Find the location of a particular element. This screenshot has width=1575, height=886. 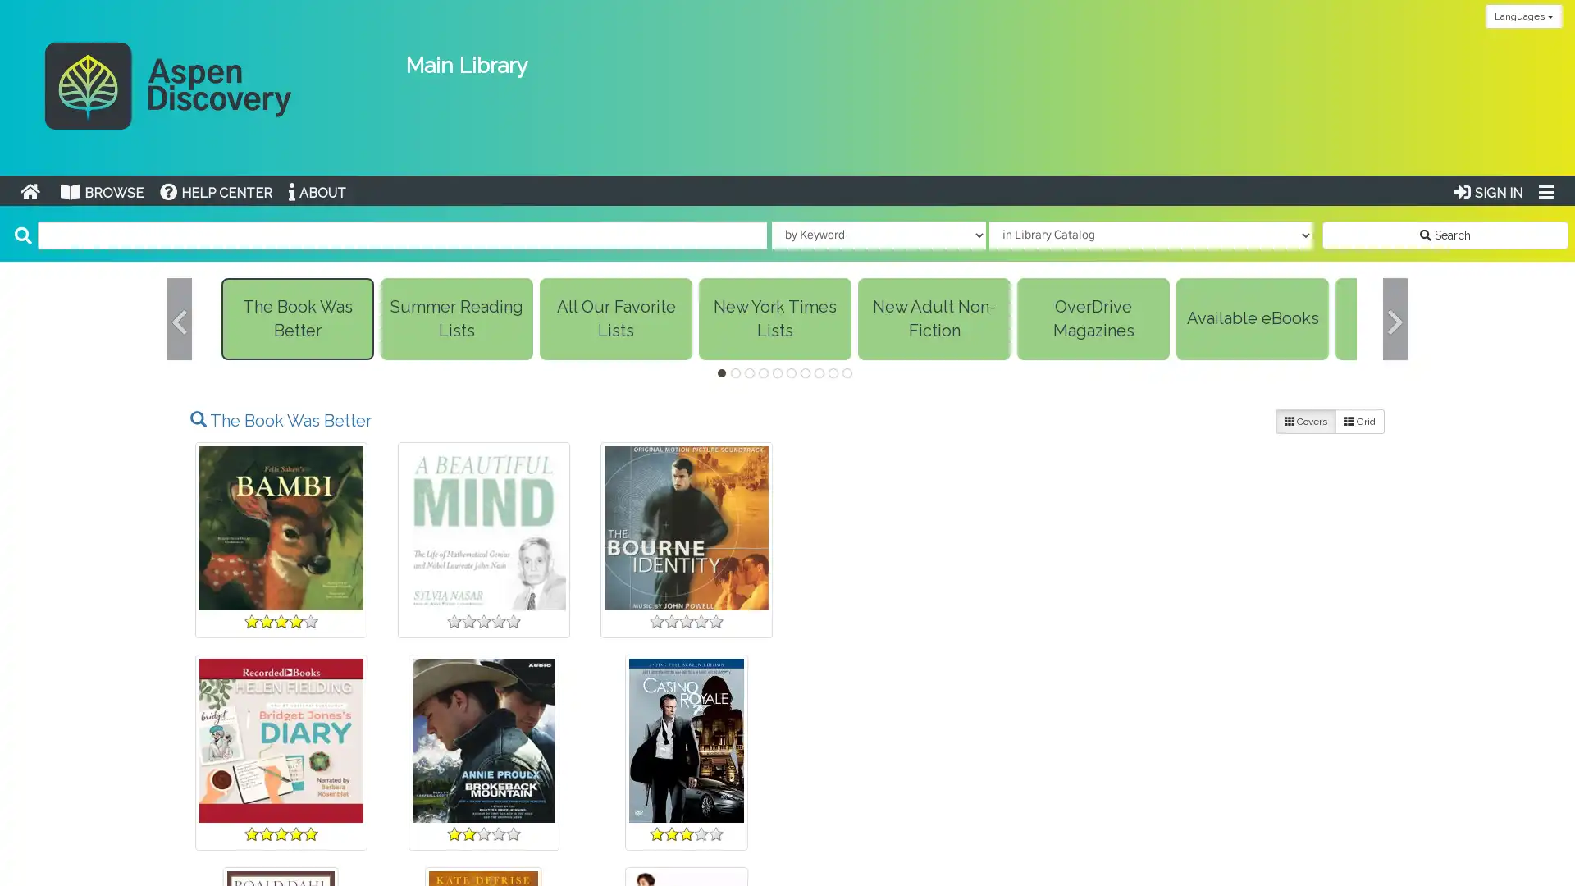

Write a Review is located at coordinates (281, 835).